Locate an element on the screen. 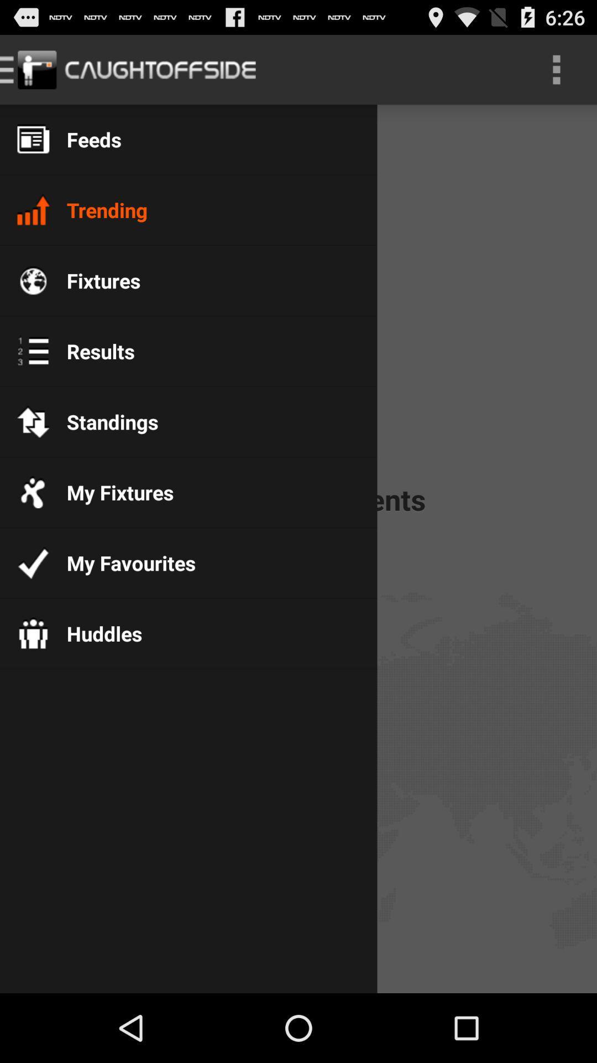  the standings icon is located at coordinates (103, 421).